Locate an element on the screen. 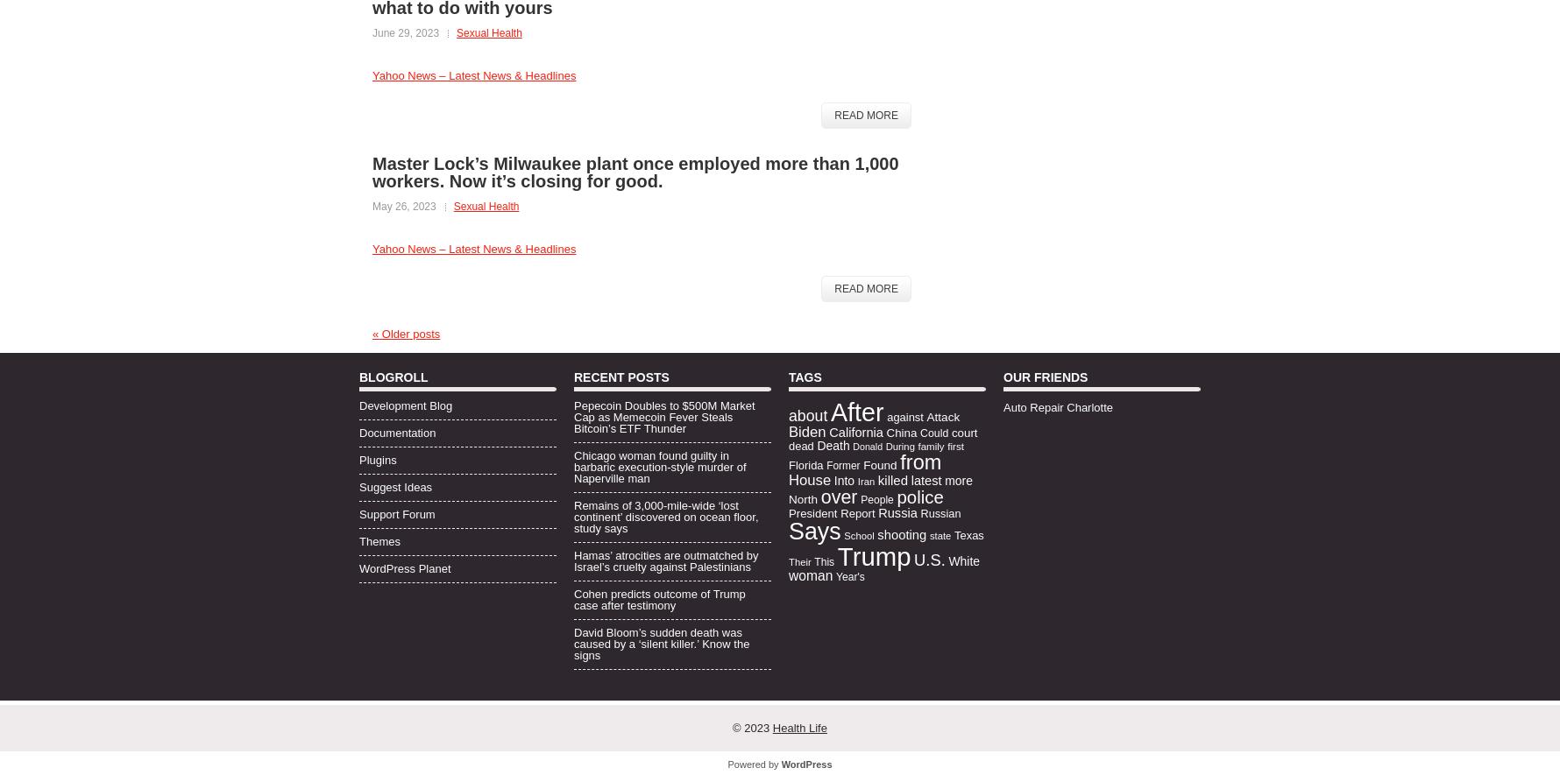  'Iran' is located at coordinates (865, 480).